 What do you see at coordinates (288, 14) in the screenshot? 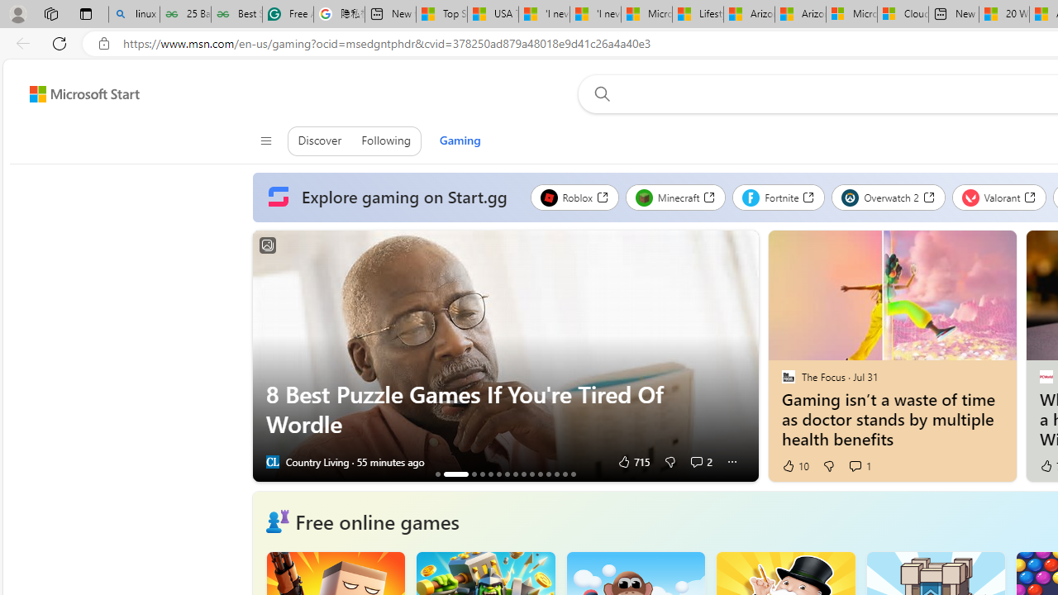
I see `'Free AI Writing Assistance for Students | Grammarly'` at bounding box center [288, 14].